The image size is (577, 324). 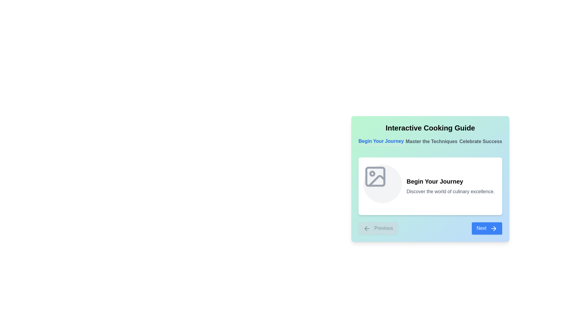 I want to click on 'Next' button to navigate to the next step, so click(x=487, y=228).